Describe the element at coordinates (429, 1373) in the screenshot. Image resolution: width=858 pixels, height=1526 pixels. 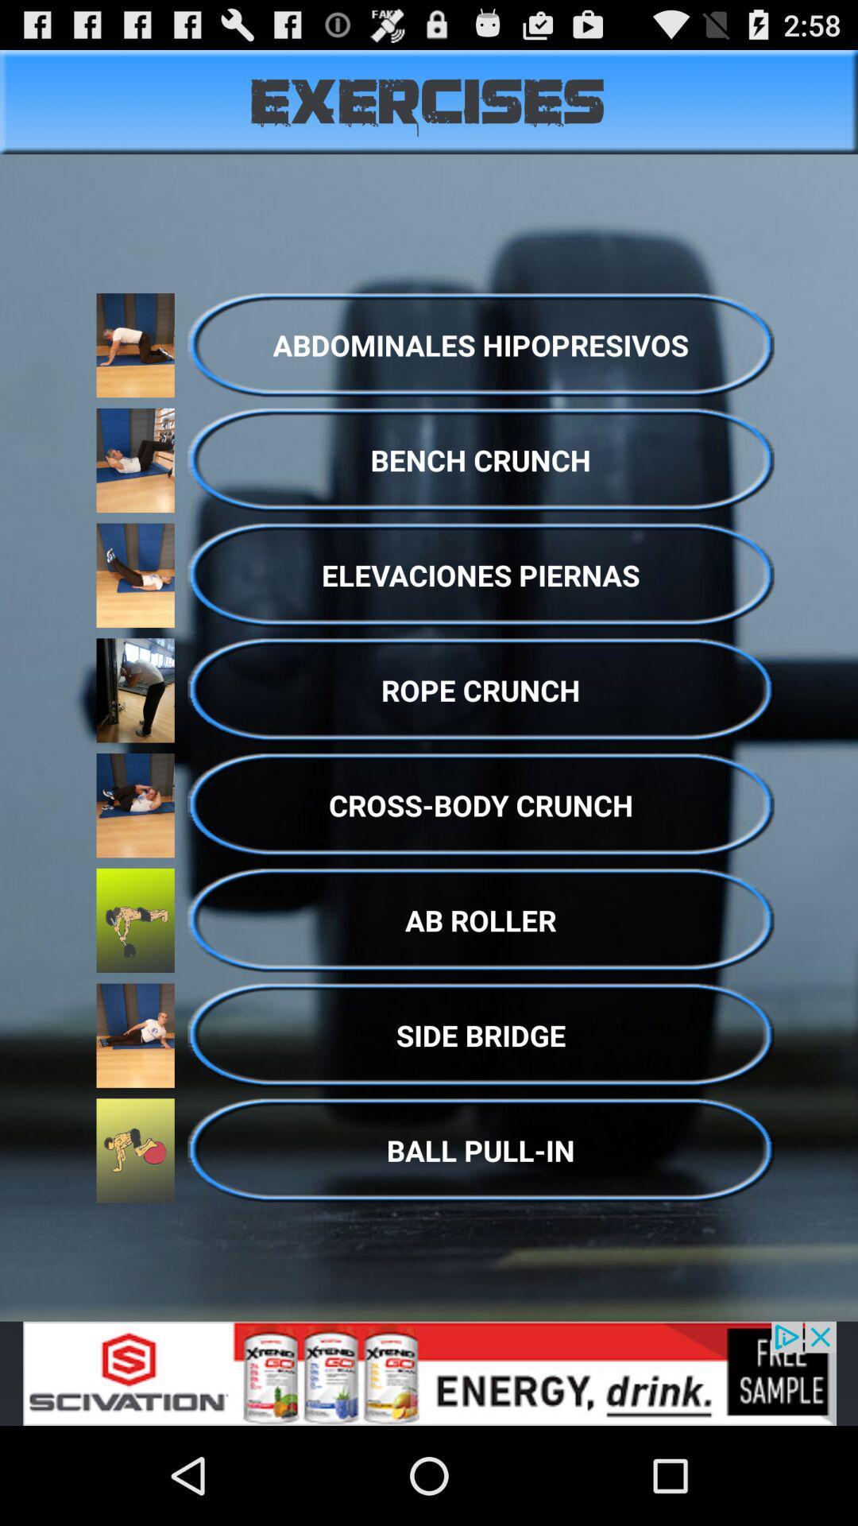
I see `advertisement banner` at that location.